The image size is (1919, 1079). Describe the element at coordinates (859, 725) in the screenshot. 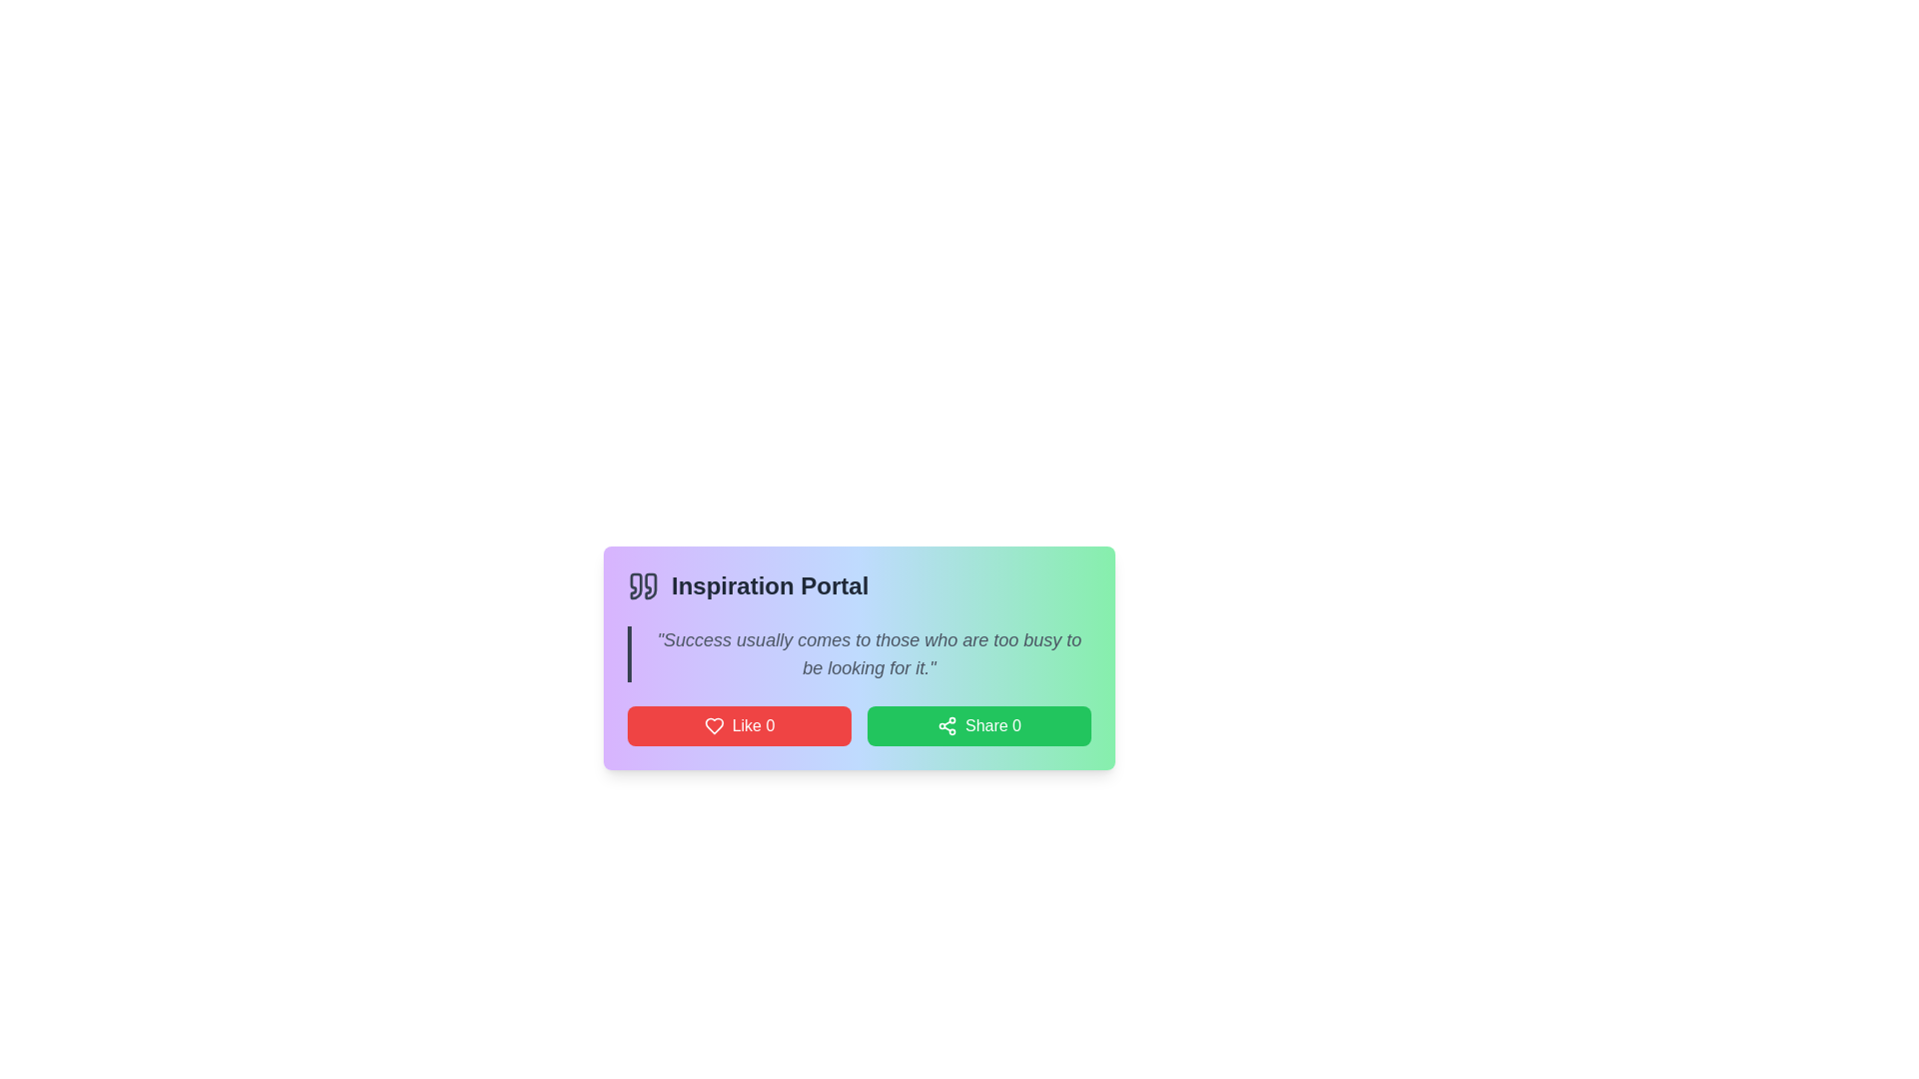

I see `the 'Share' button in the dual button group, which is green with a share icon and the text 'Share 0', to observe a hover animation` at that location.